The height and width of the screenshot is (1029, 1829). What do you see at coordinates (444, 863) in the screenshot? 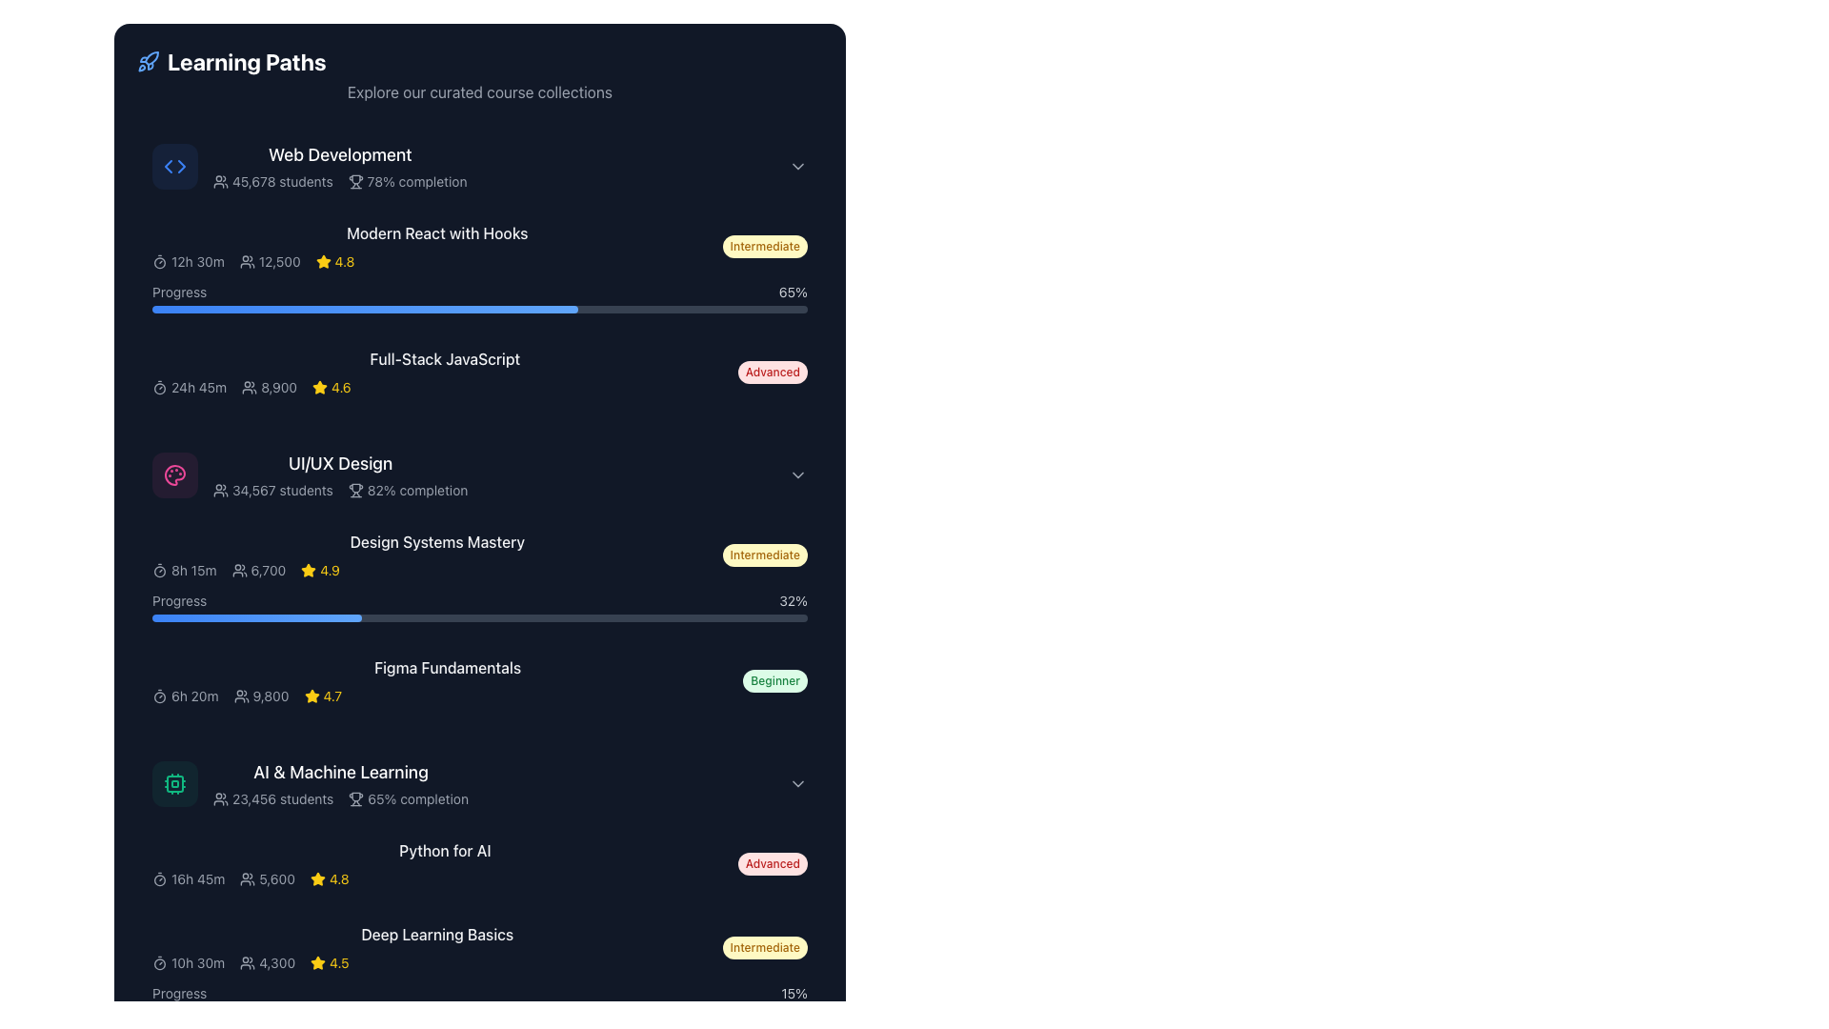
I see `text label that displays 'Python for AI', which is located in the lower-middle portion of the 'AI & Machine Learning' section, above the details like duration and user count` at bounding box center [444, 863].